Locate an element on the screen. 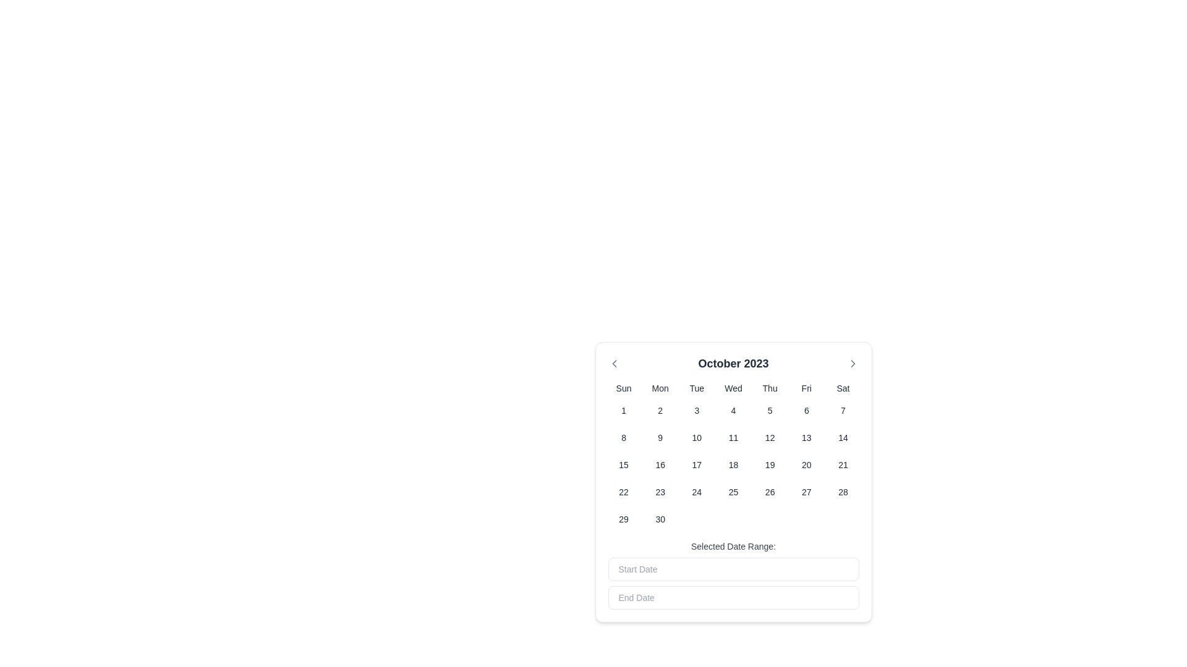  the clickable calendar cell displaying the number '23' located in the fourth column and fourth row of the calendar grid is located at coordinates (660, 492).